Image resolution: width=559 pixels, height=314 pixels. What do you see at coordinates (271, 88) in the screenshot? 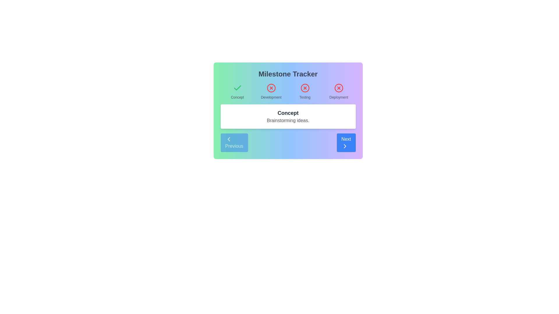
I see `the circular red-stroke icon with an 'X' symbol, located above the 'Development' label in the second section of the progress bar` at bounding box center [271, 88].